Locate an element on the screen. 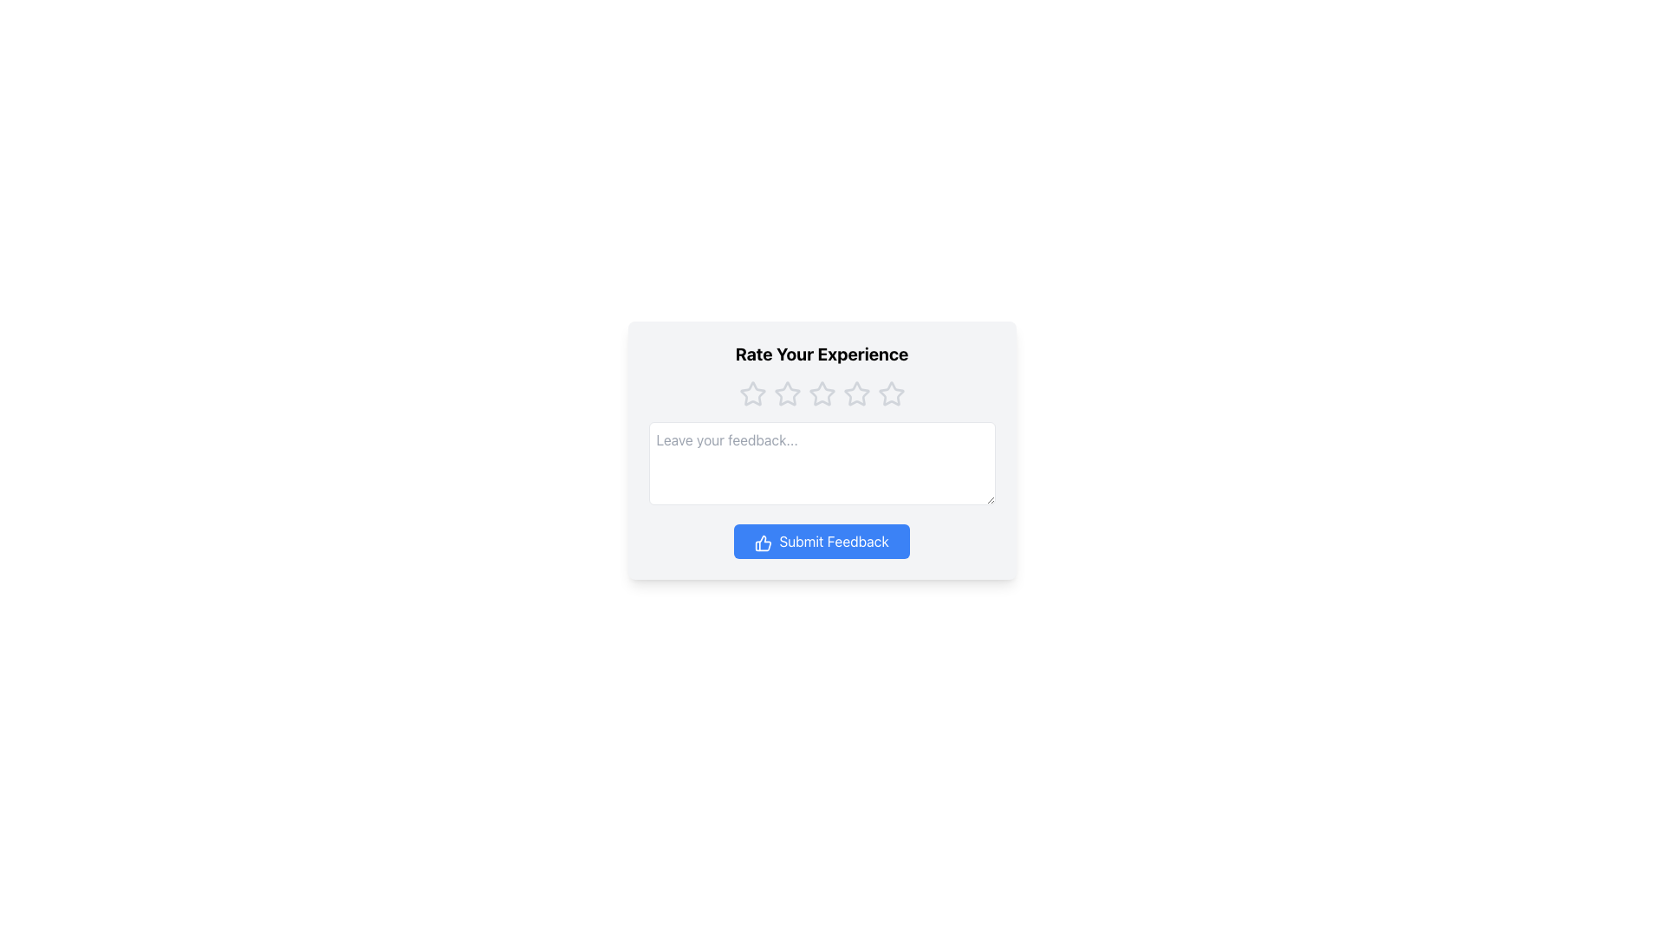 The width and height of the screenshot is (1664, 936). the star icon in the rating selector to set the corresponding rating, which is a row of five light gray stars centered below the heading 'Rate Your Experience.' is located at coordinates (821, 394).